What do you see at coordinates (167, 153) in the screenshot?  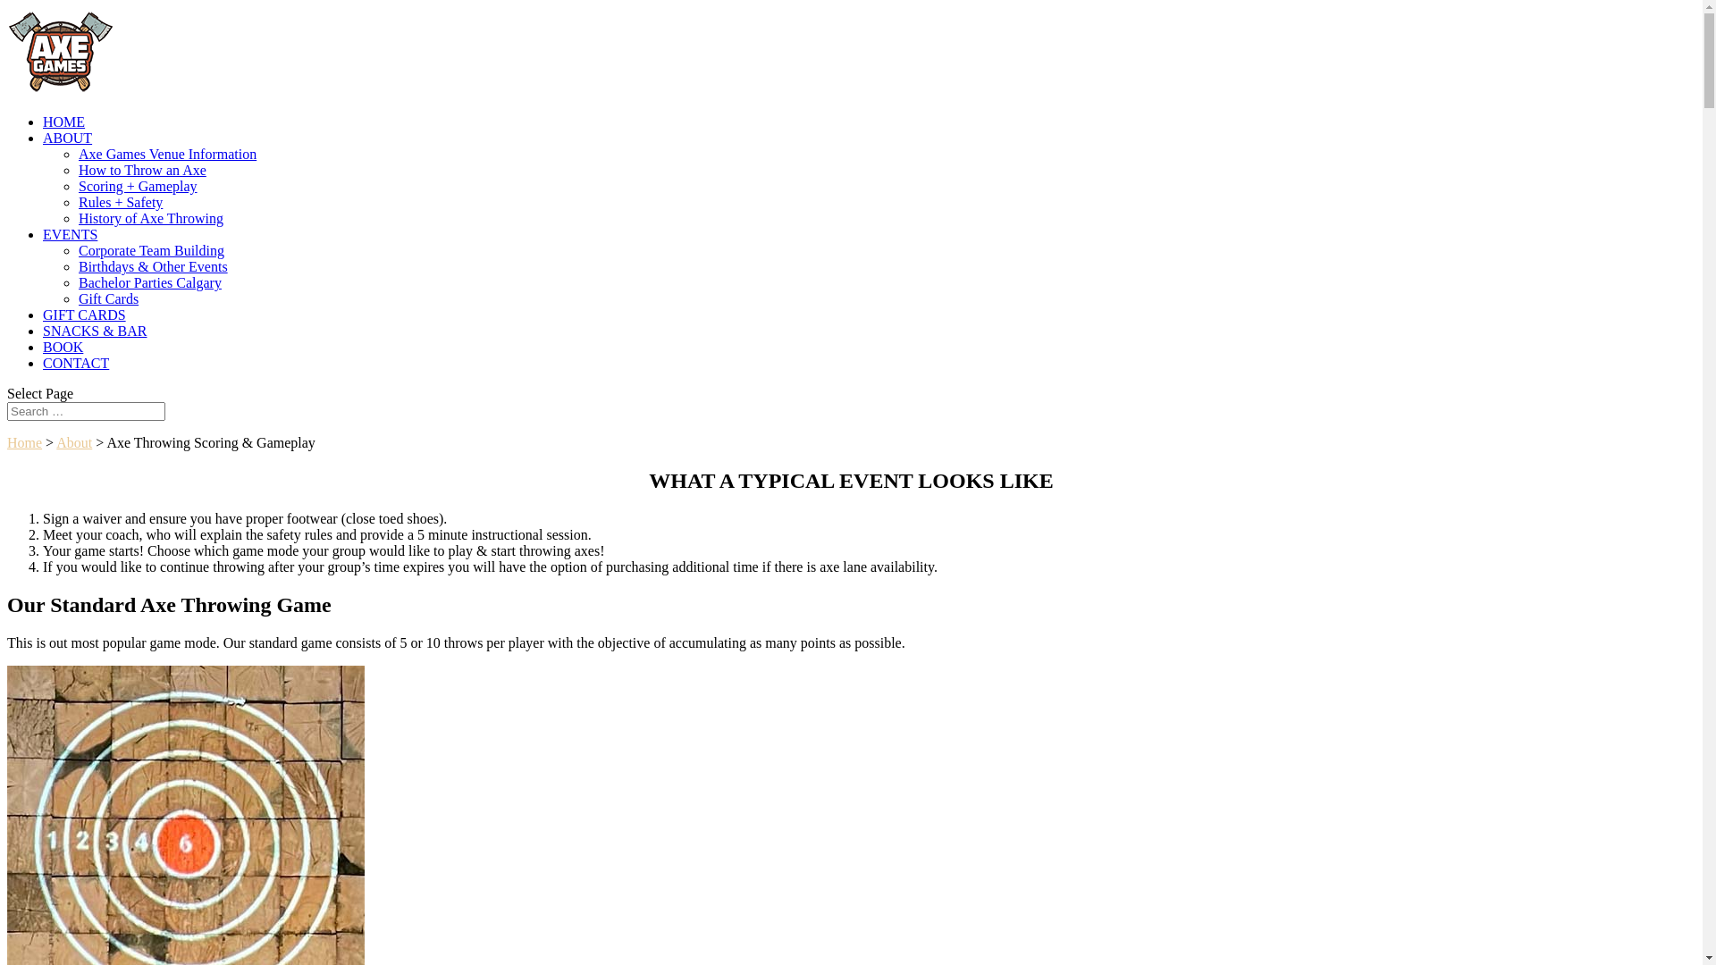 I see `'Axe Games Venue Information'` at bounding box center [167, 153].